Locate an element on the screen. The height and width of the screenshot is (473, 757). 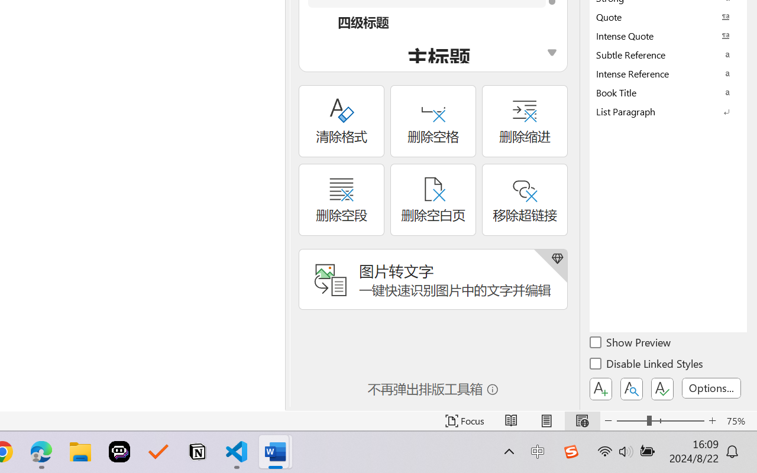
'Class: NetUIButton' is located at coordinates (662, 388).